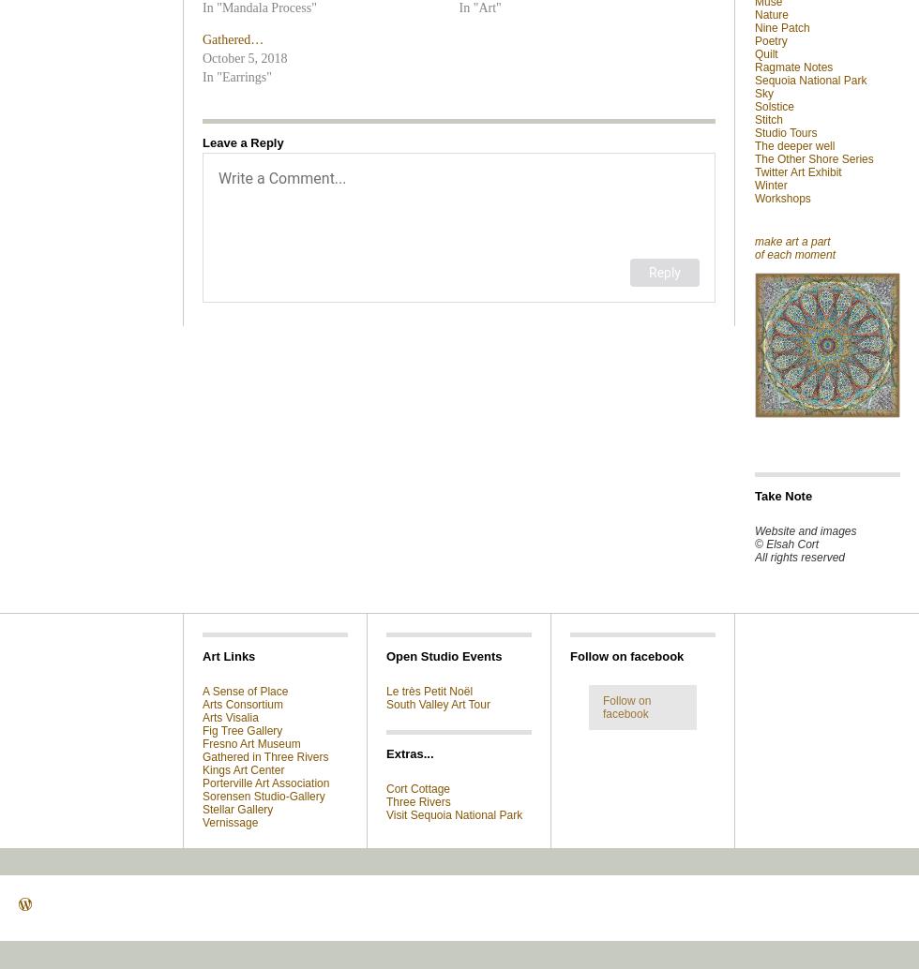 The image size is (919, 969). I want to click on 'Nine Patch', so click(781, 27).